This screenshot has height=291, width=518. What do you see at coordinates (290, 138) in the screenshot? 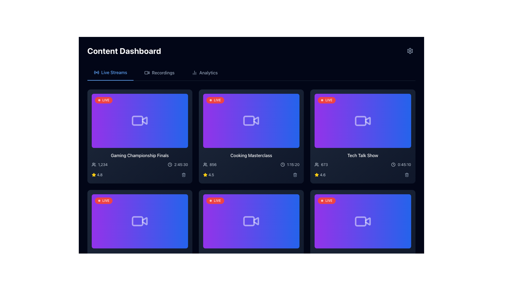
I see `the circular play button located at the bottom-right corner of the 'Cooking Masterclass' card` at bounding box center [290, 138].